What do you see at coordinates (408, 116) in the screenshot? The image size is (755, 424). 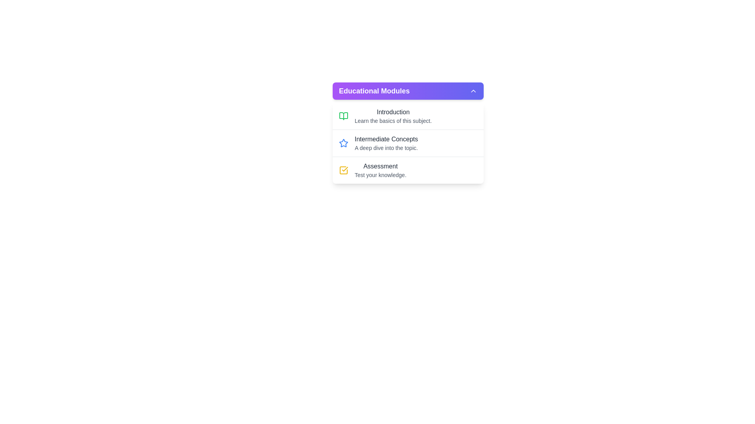 I see `the first selectable list item labeled 'Introduction' with a green open book icon` at bounding box center [408, 116].